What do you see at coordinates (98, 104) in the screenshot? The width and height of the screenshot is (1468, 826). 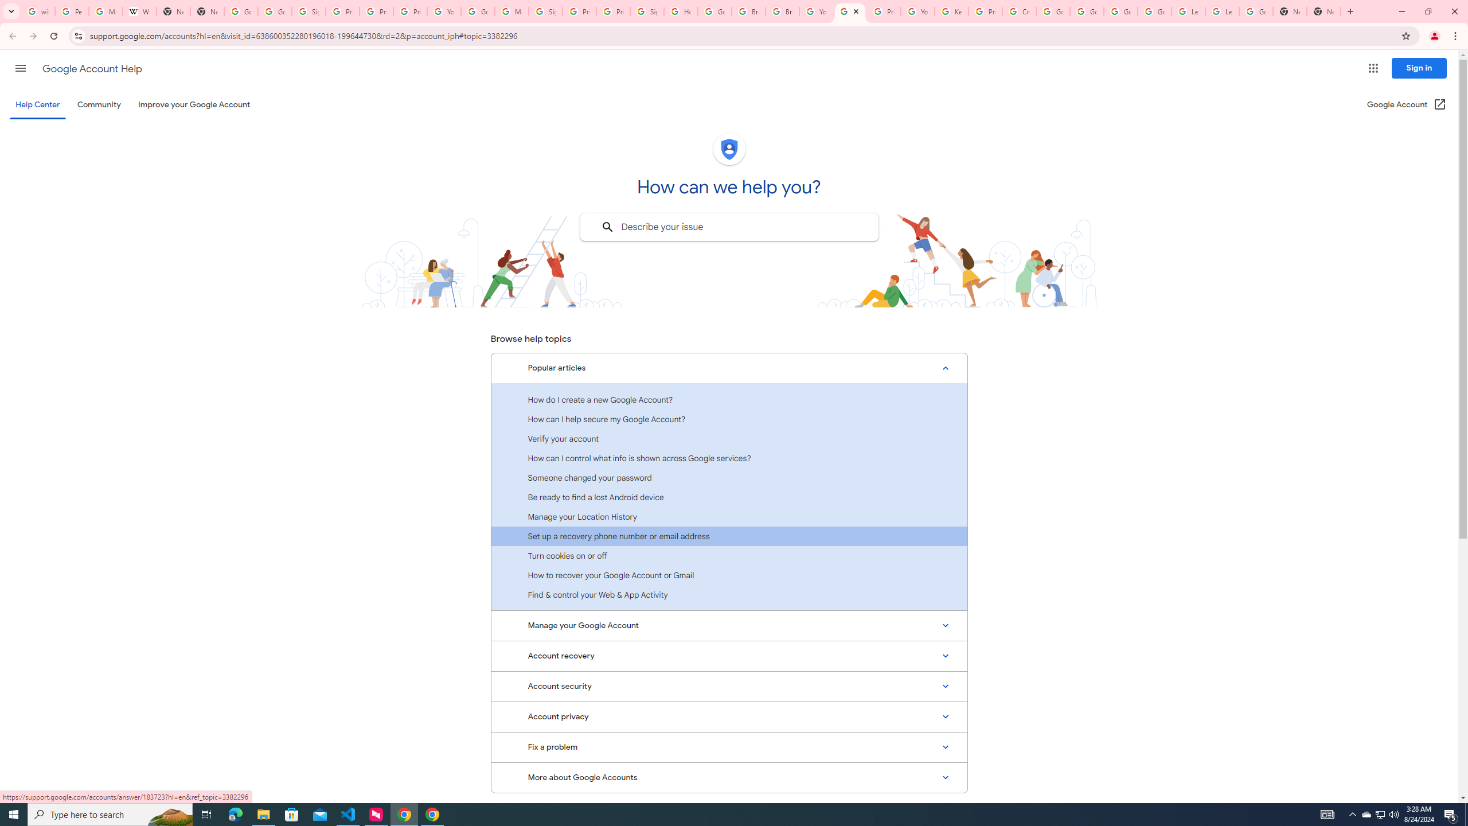 I see `'Community'` at bounding box center [98, 104].